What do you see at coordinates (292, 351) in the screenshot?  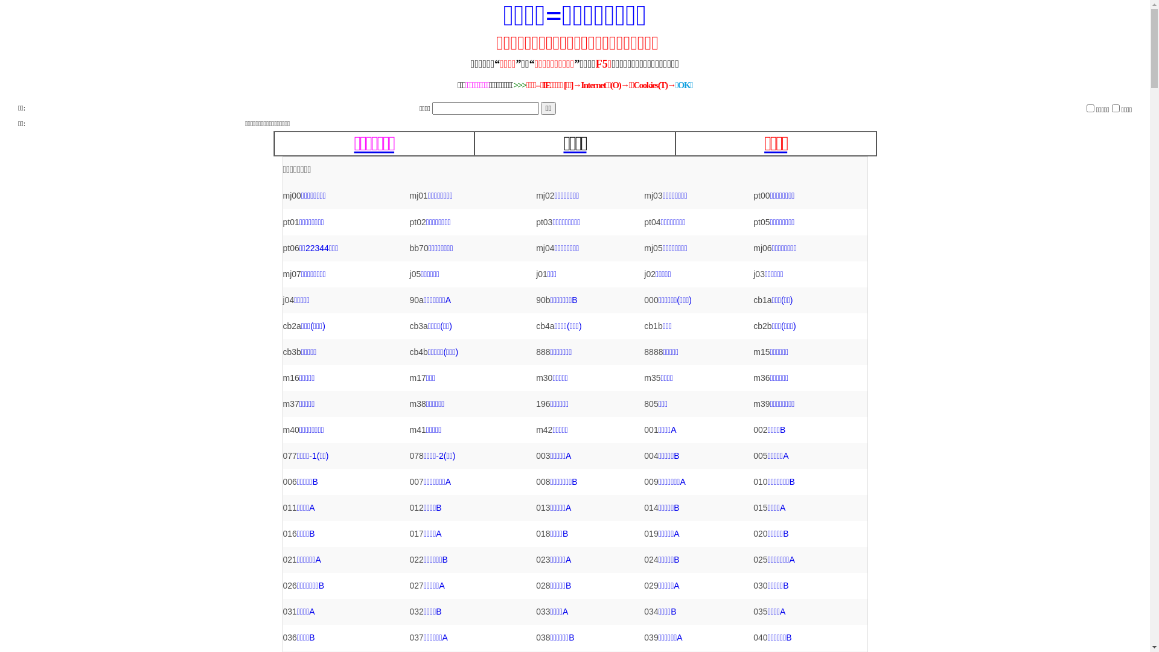 I see `'cb3b'` at bounding box center [292, 351].